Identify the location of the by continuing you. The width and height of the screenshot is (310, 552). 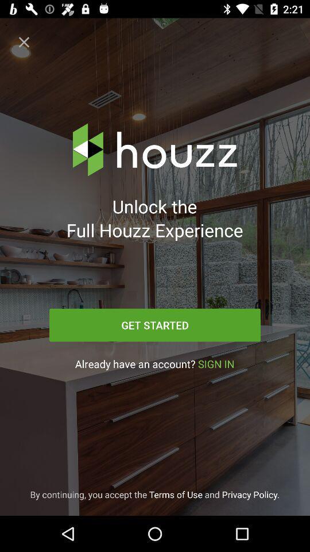
(154, 494).